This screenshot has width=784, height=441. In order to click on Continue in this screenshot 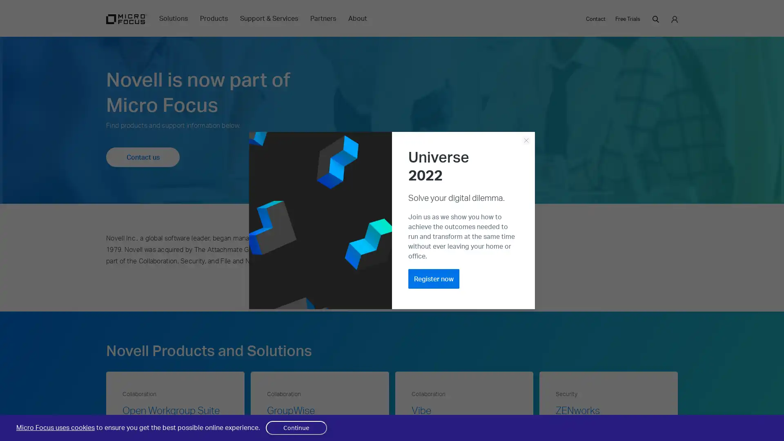, I will do `click(296, 428)`.